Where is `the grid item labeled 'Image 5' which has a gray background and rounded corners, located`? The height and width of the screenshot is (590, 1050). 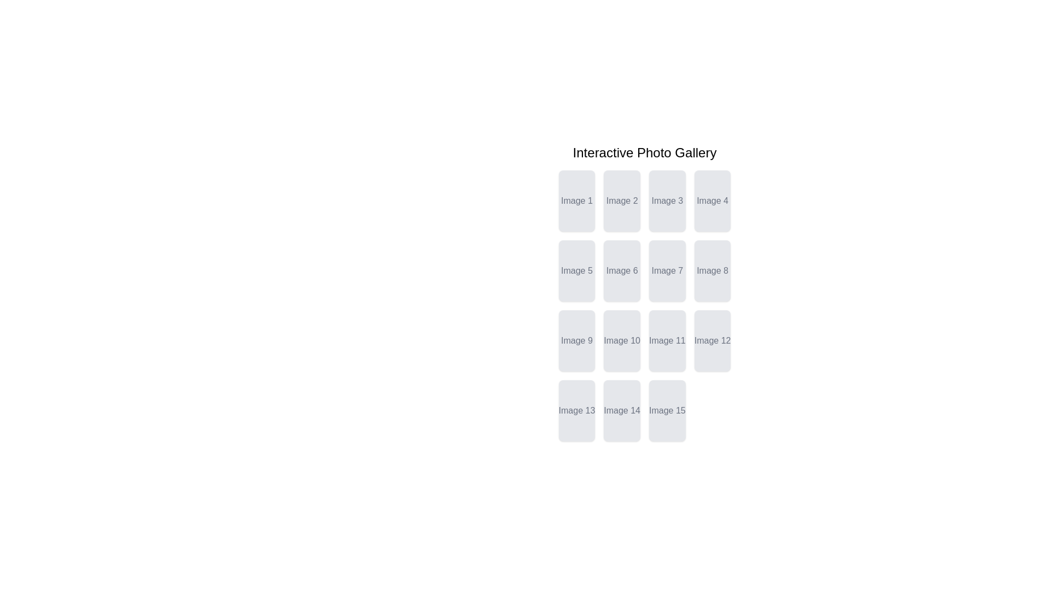 the grid item labeled 'Image 5' which has a gray background and rounded corners, located is located at coordinates (576, 270).